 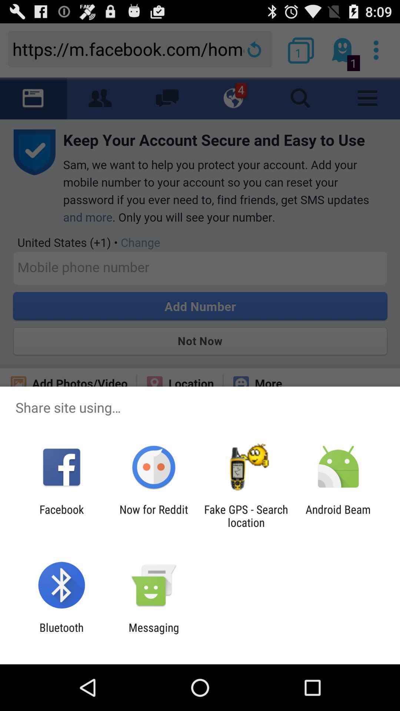 What do you see at coordinates (61, 634) in the screenshot?
I see `bluetooth` at bounding box center [61, 634].